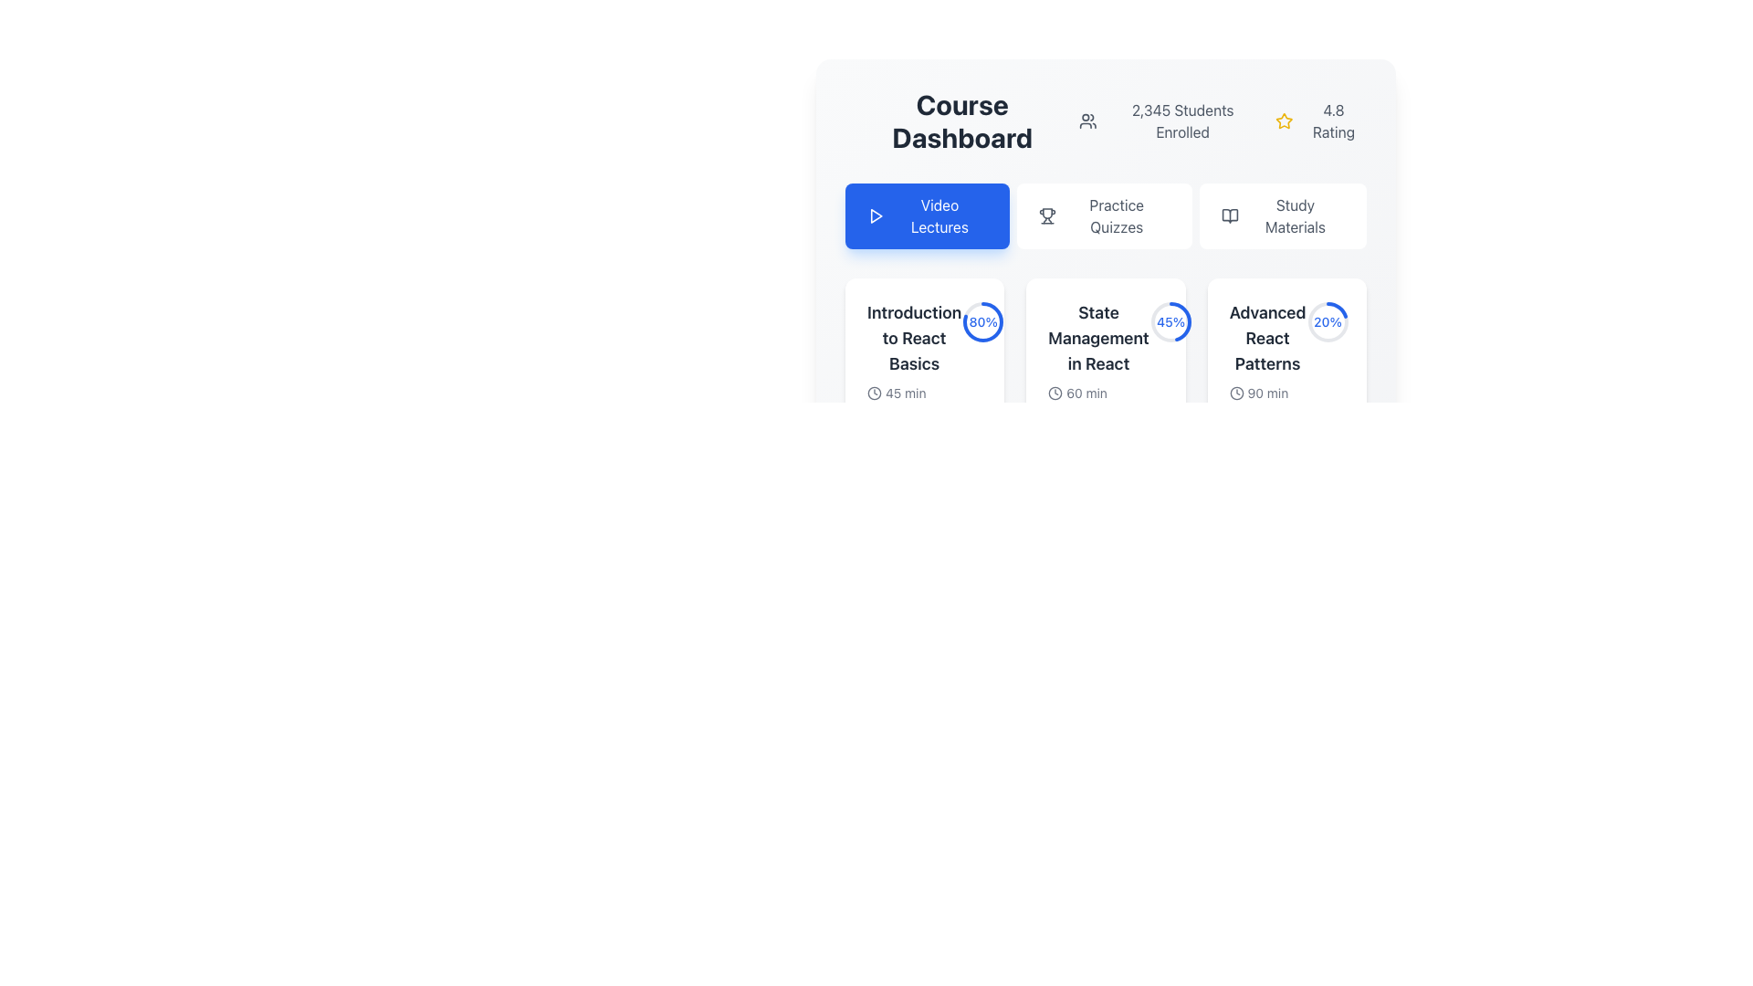 The width and height of the screenshot is (1753, 986). What do you see at coordinates (1105, 298) in the screenshot?
I see `the central course offering card in the learning platform` at bounding box center [1105, 298].